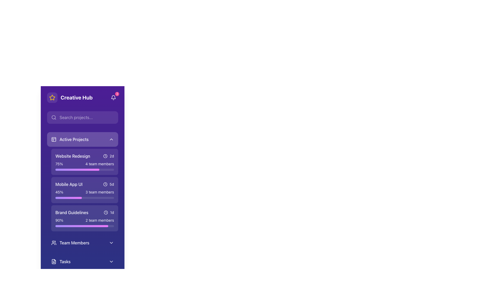 Image resolution: width=502 pixels, height=282 pixels. I want to click on the Decorative SVG component located within the small square icon to the left of the 'Active Projects' section title in the sidebar, so click(54, 139).